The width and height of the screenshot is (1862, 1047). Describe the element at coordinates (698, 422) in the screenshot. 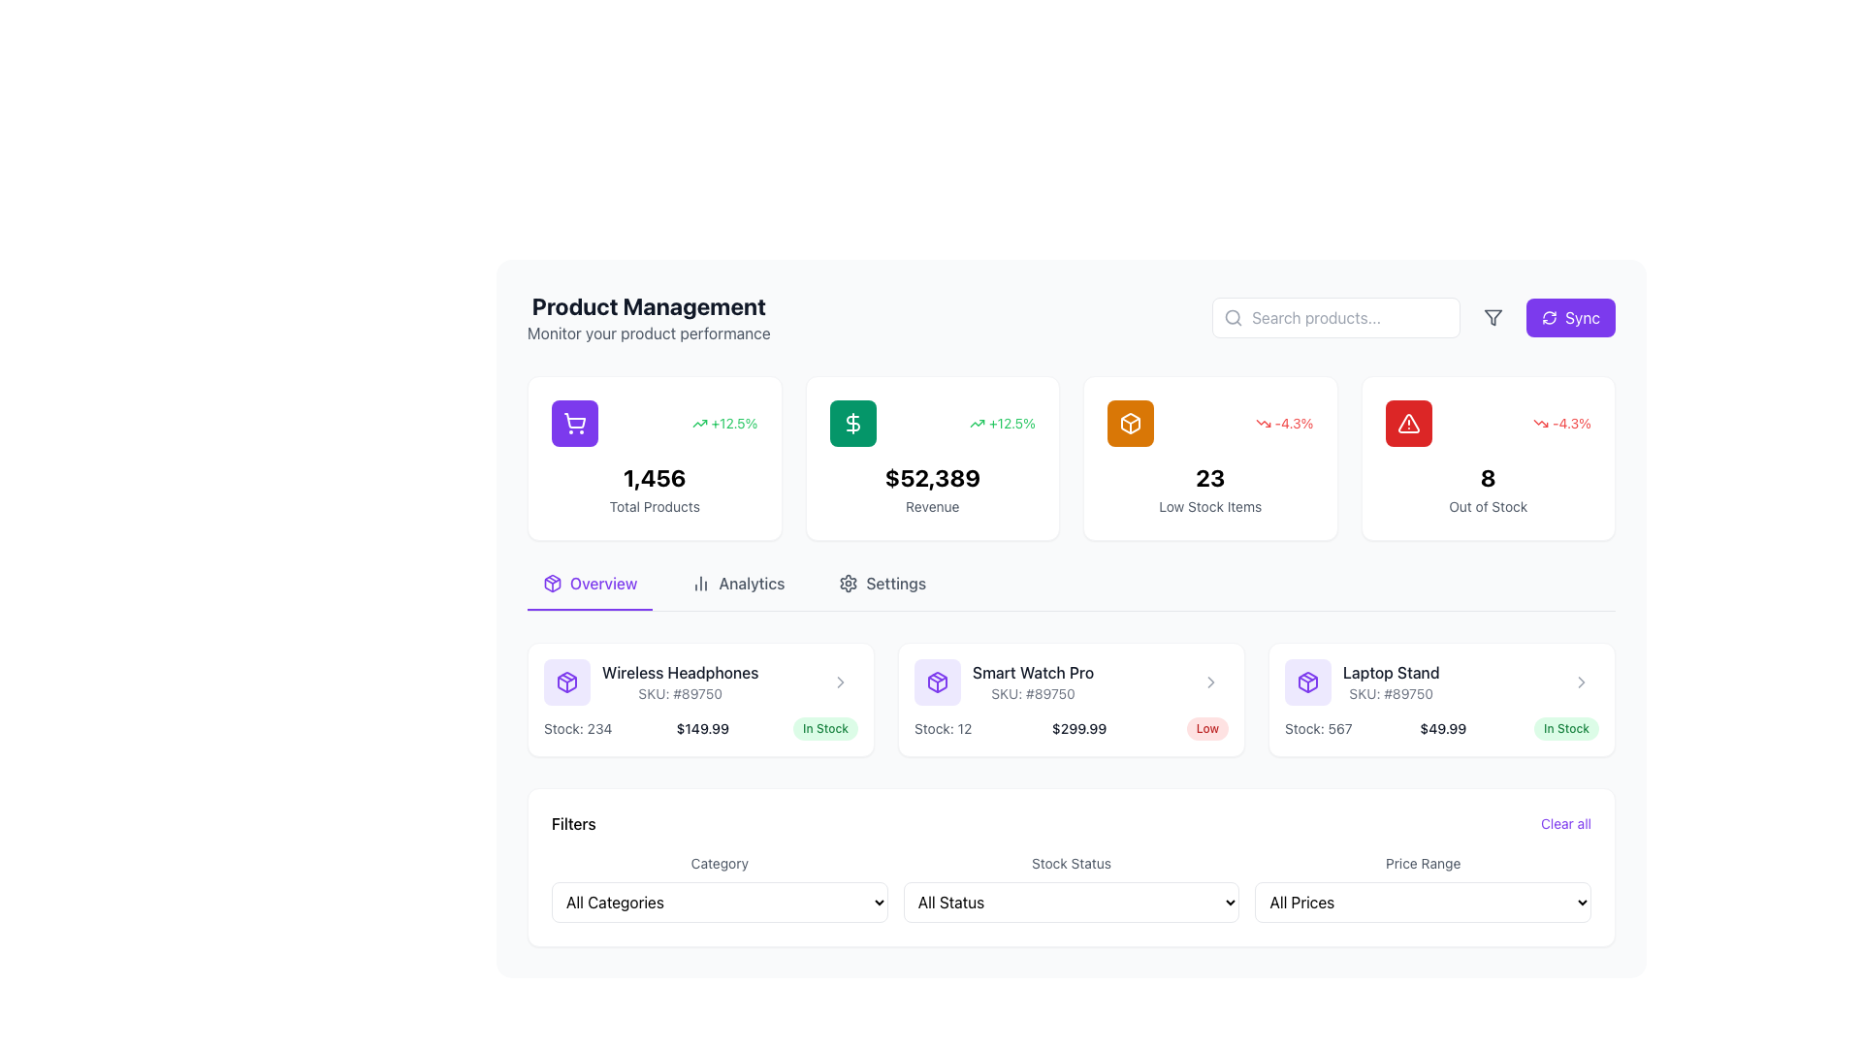

I see `the upward-pointing green icon indicative of trending improvement, located to the left of the text '+12.5%' within the revenue widget` at that location.